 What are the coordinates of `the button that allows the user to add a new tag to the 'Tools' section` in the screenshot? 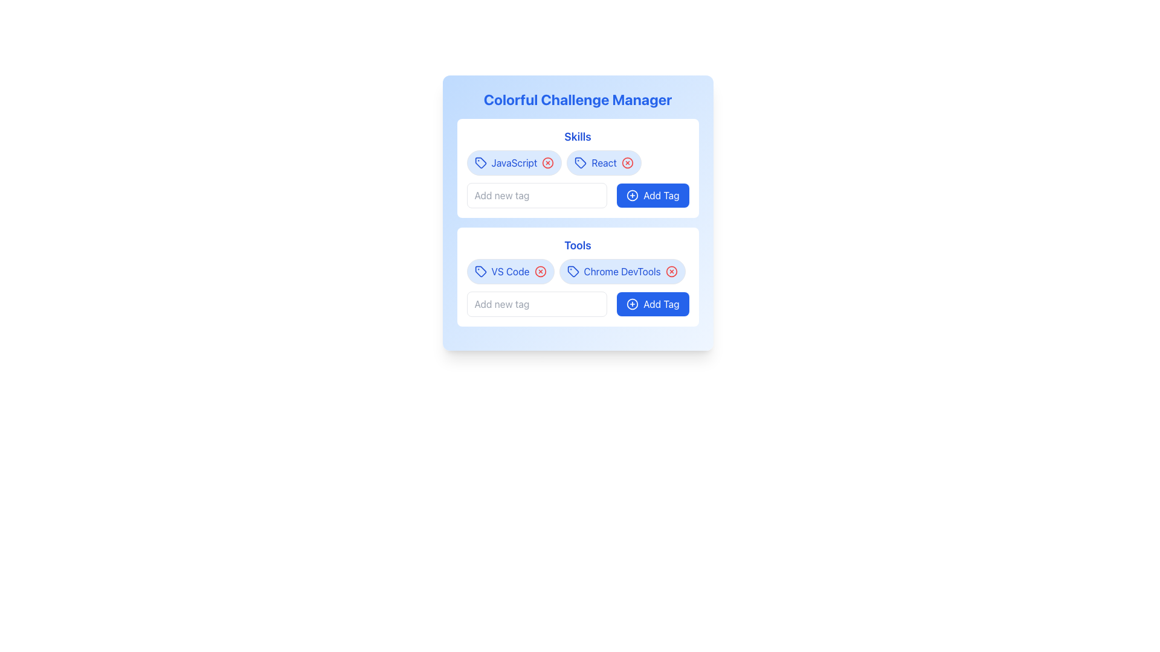 It's located at (652, 304).